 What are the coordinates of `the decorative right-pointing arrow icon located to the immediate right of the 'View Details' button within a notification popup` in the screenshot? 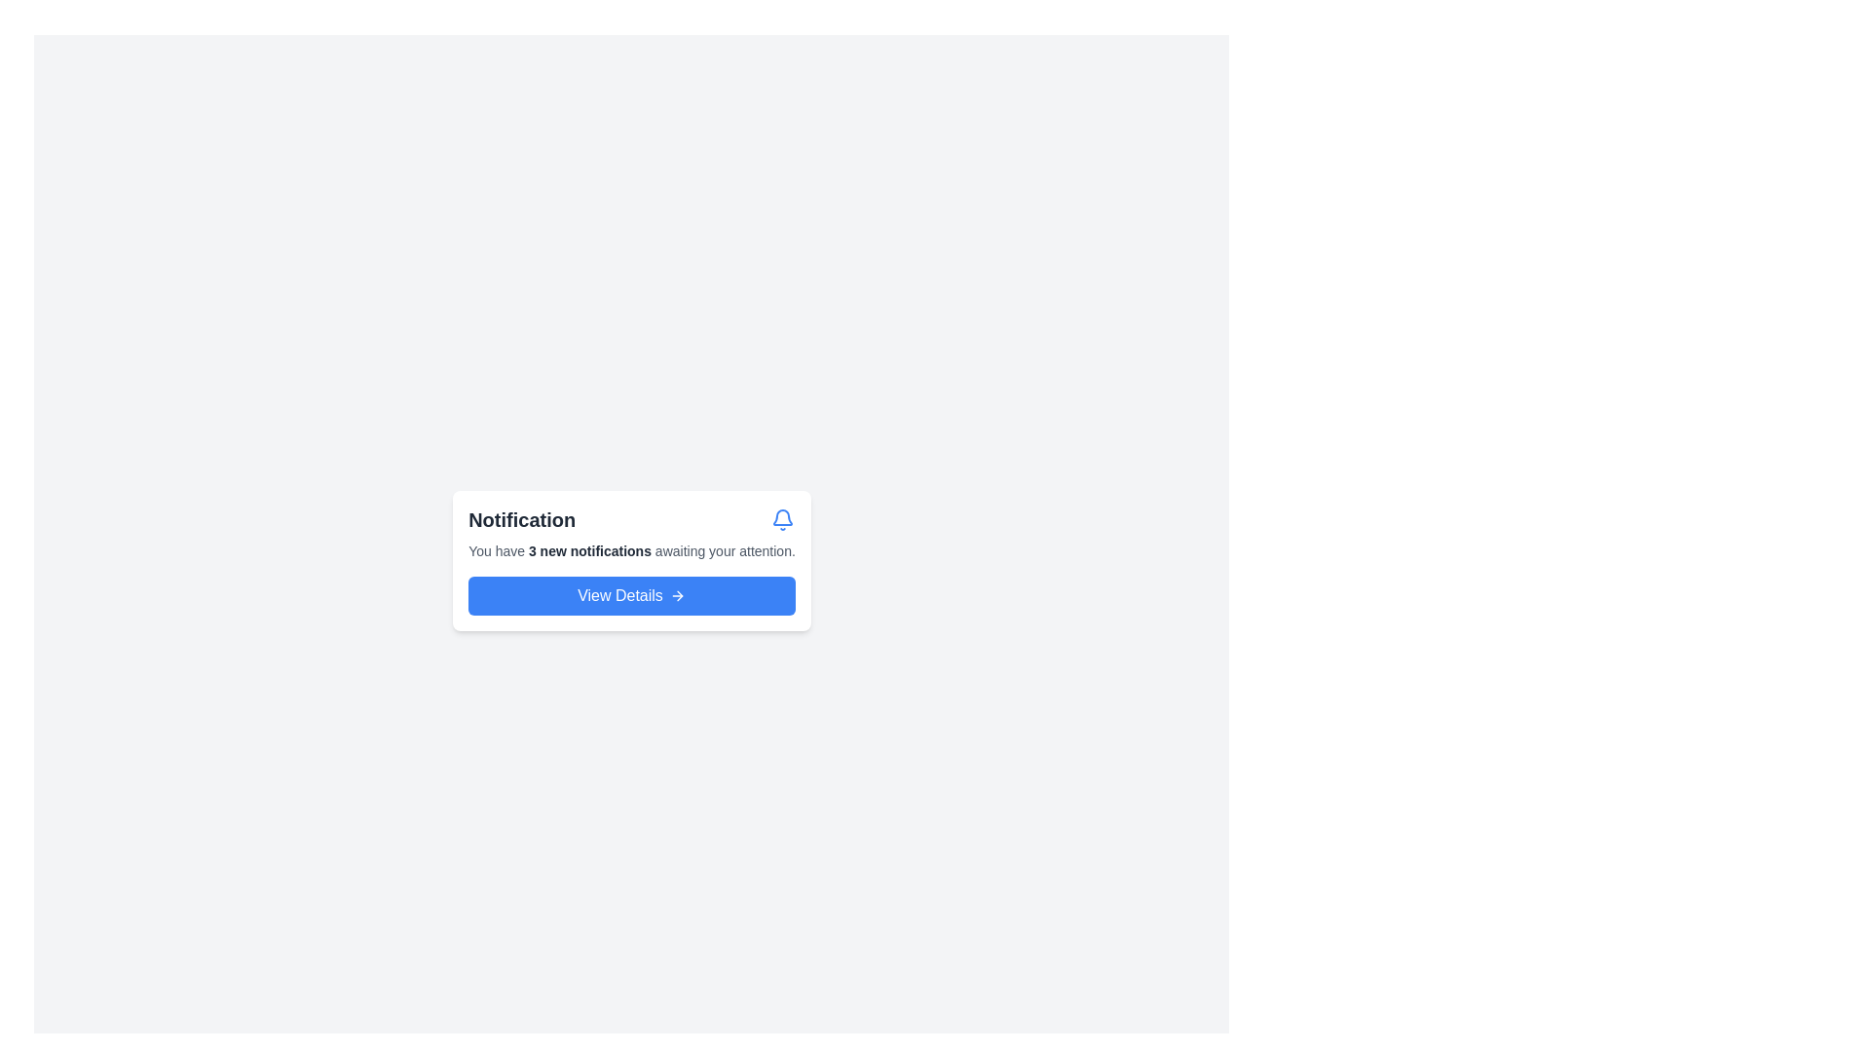 It's located at (680, 595).